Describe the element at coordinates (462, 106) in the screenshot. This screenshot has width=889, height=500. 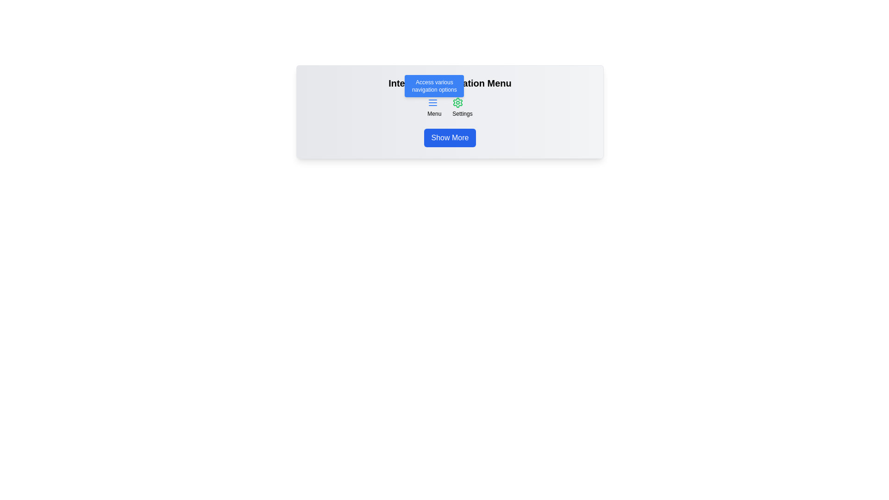
I see `the green gear icon button labeled 'Settings' to visualize related tooltips or effects` at that location.